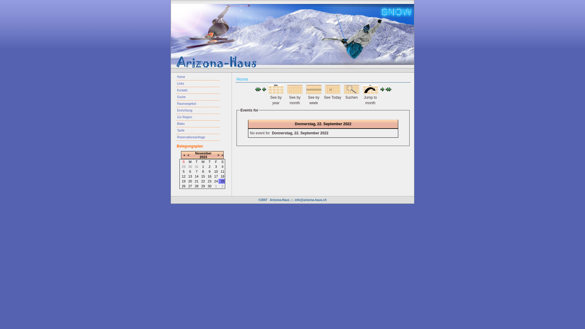 The width and height of the screenshot is (585, 329). Describe the element at coordinates (310, 200) in the screenshot. I see `'info@arizona-haus.ch'` at that location.